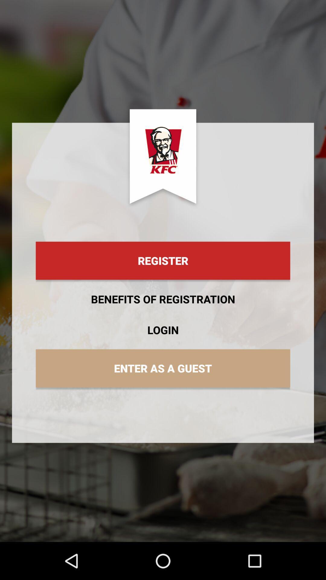  I want to click on benefits of registration, so click(163, 299).